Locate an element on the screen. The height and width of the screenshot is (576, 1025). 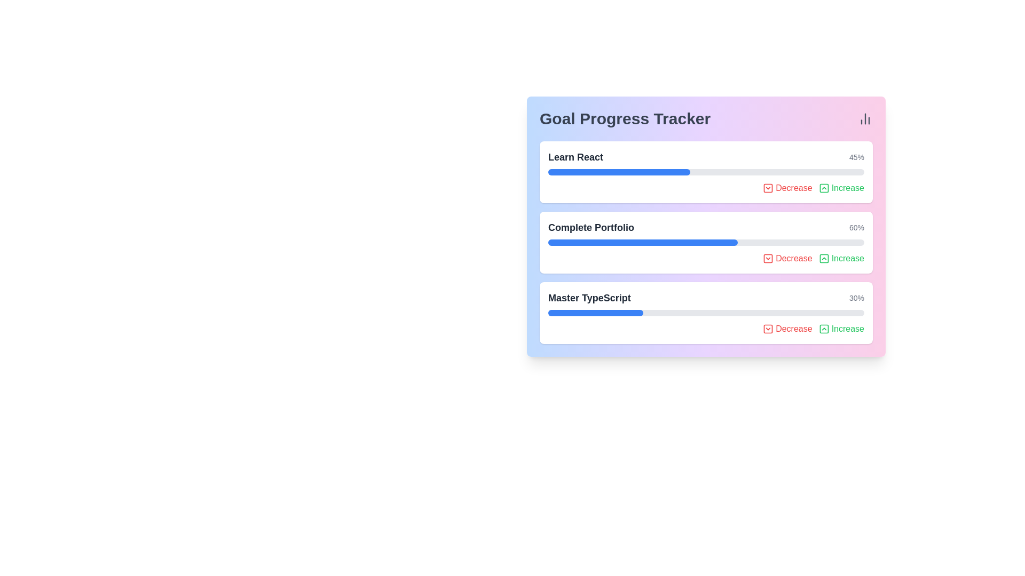
the 'Decrease' button located in the bottom row of the 'Goal Progress Tracker' section is located at coordinates (787, 329).